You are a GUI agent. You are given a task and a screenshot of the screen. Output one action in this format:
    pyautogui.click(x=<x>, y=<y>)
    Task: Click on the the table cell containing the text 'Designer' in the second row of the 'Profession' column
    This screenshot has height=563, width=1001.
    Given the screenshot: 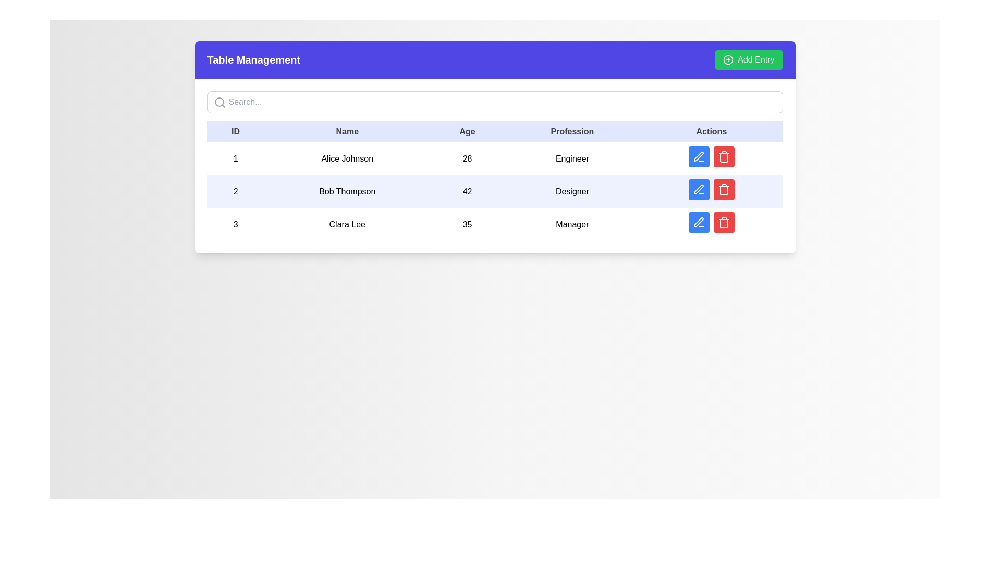 What is the action you would take?
    pyautogui.click(x=571, y=191)
    